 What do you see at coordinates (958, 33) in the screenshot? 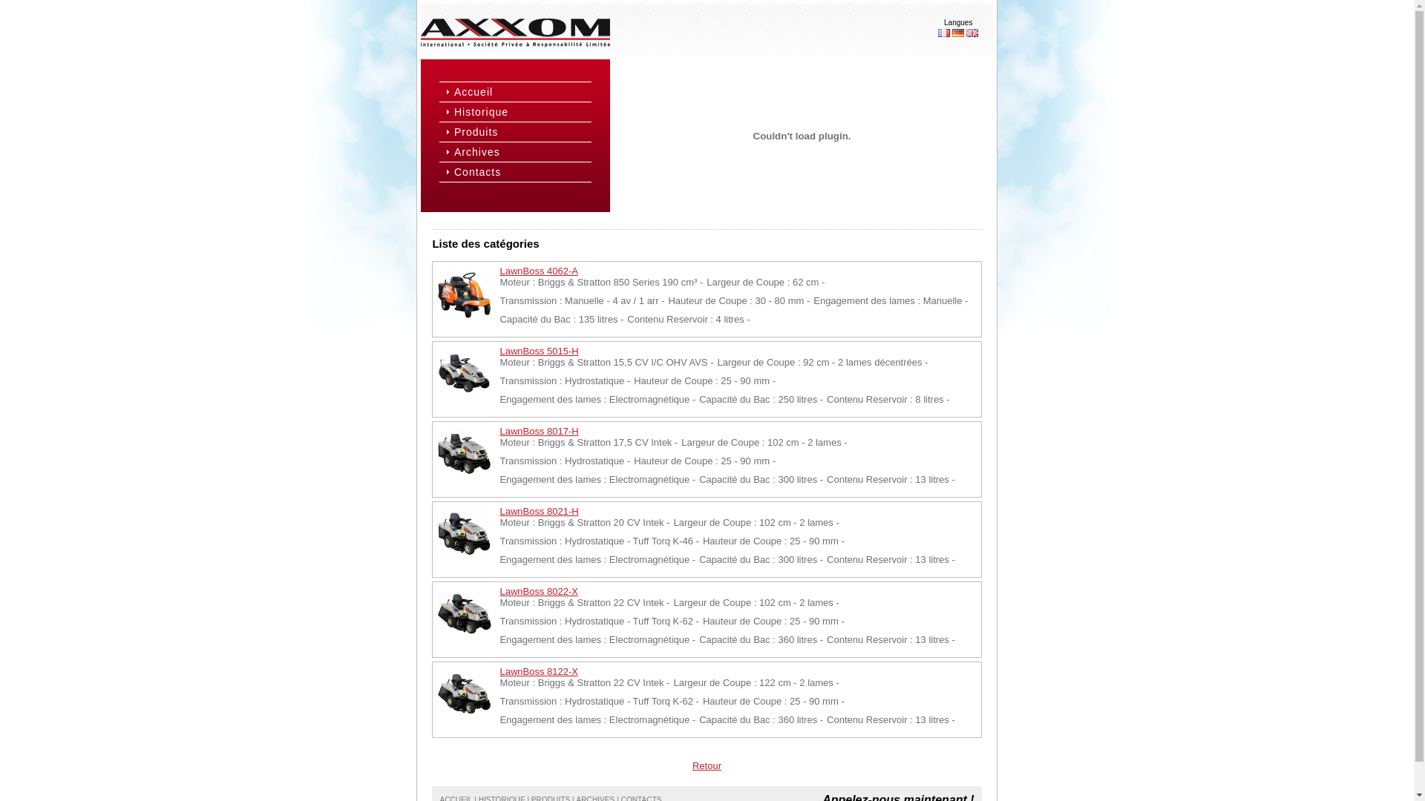
I see `'DE'` at bounding box center [958, 33].